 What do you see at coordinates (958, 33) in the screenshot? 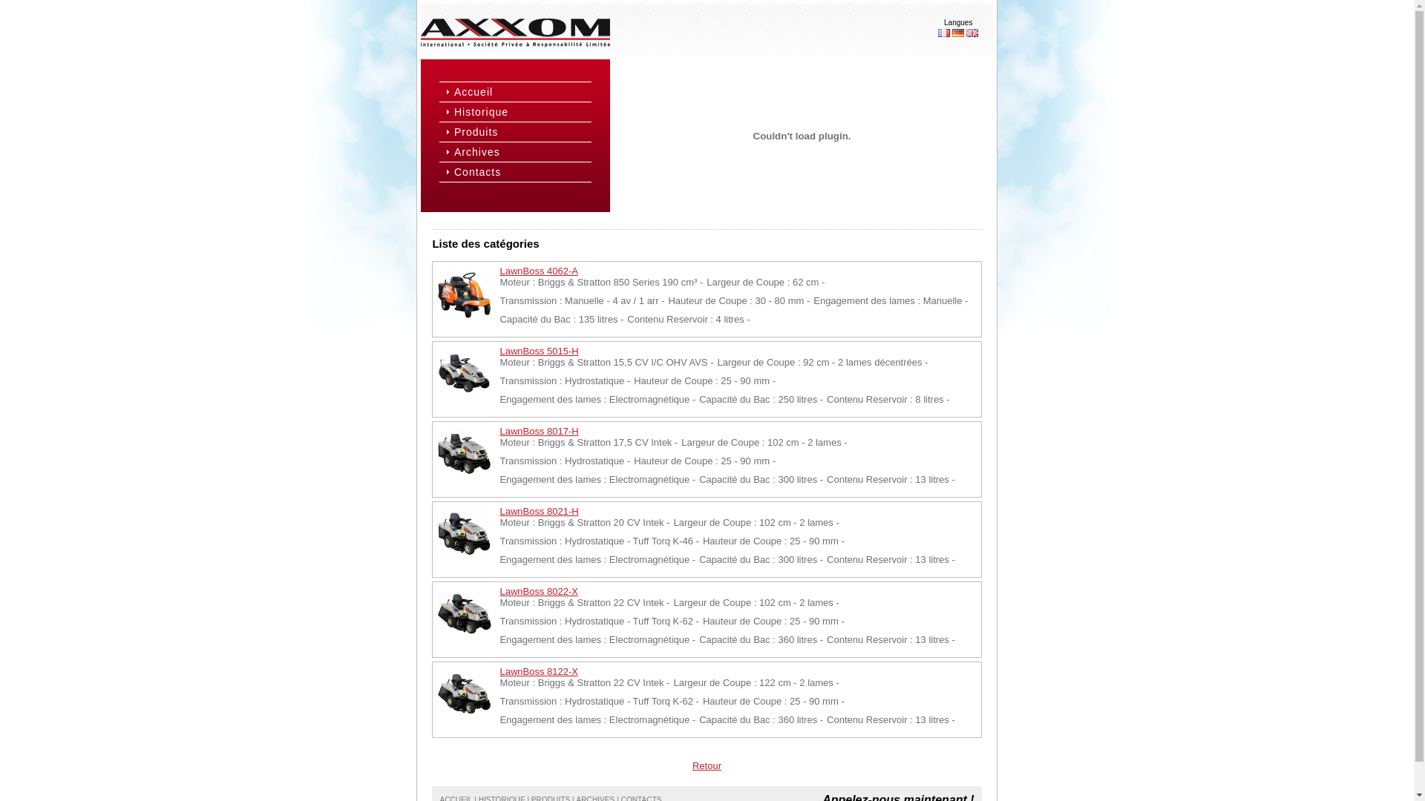
I see `'DE'` at bounding box center [958, 33].